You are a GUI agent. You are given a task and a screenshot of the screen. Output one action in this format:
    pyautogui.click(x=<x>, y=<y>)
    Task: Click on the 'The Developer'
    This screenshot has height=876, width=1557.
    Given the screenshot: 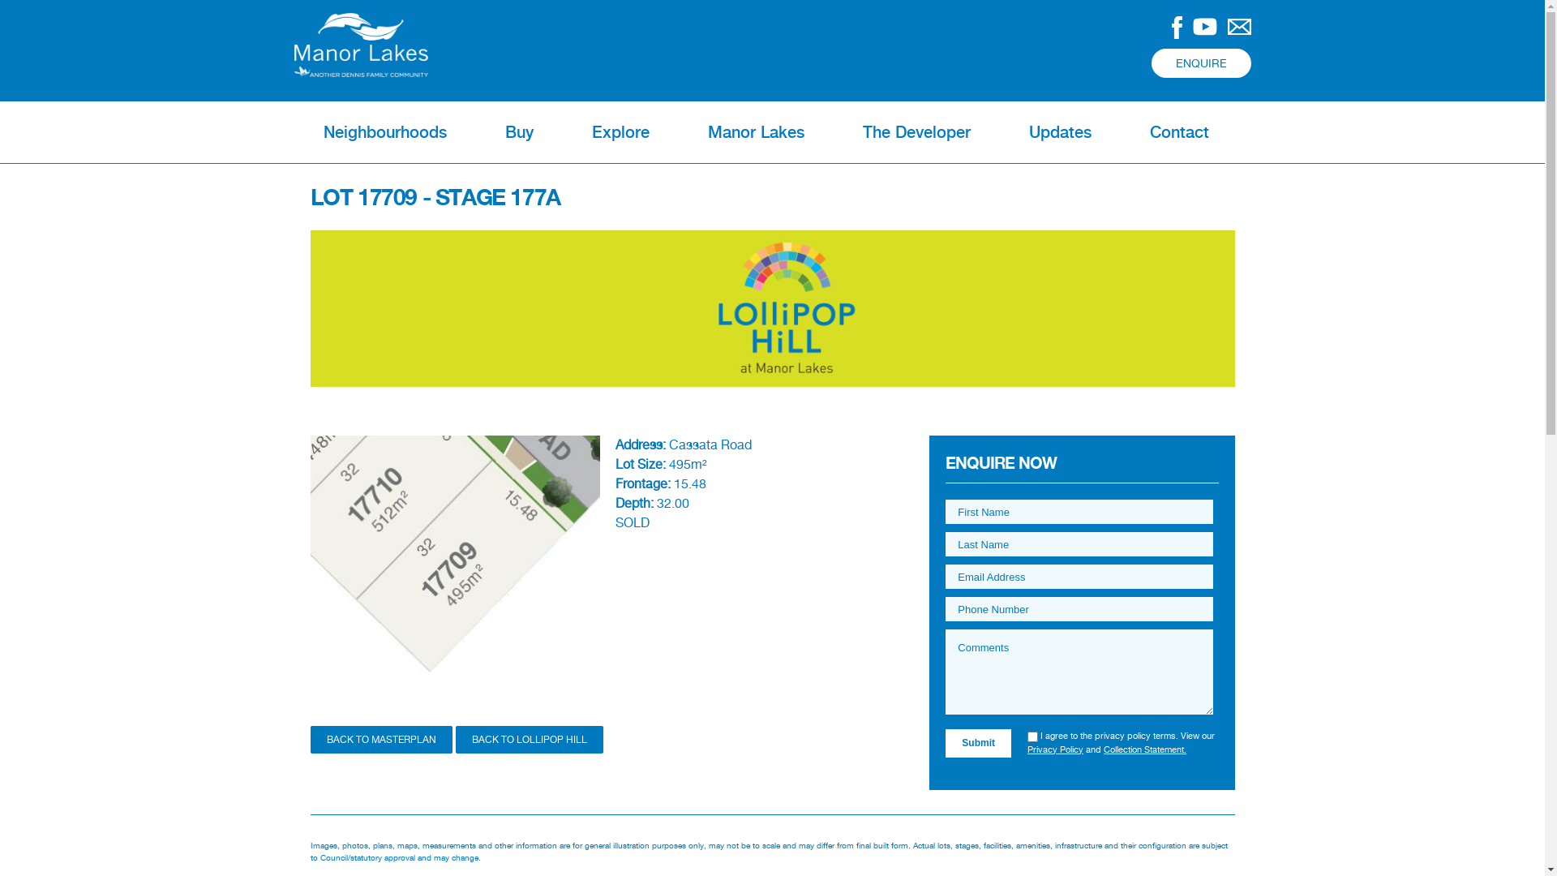 What is the action you would take?
    pyautogui.click(x=916, y=131)
    